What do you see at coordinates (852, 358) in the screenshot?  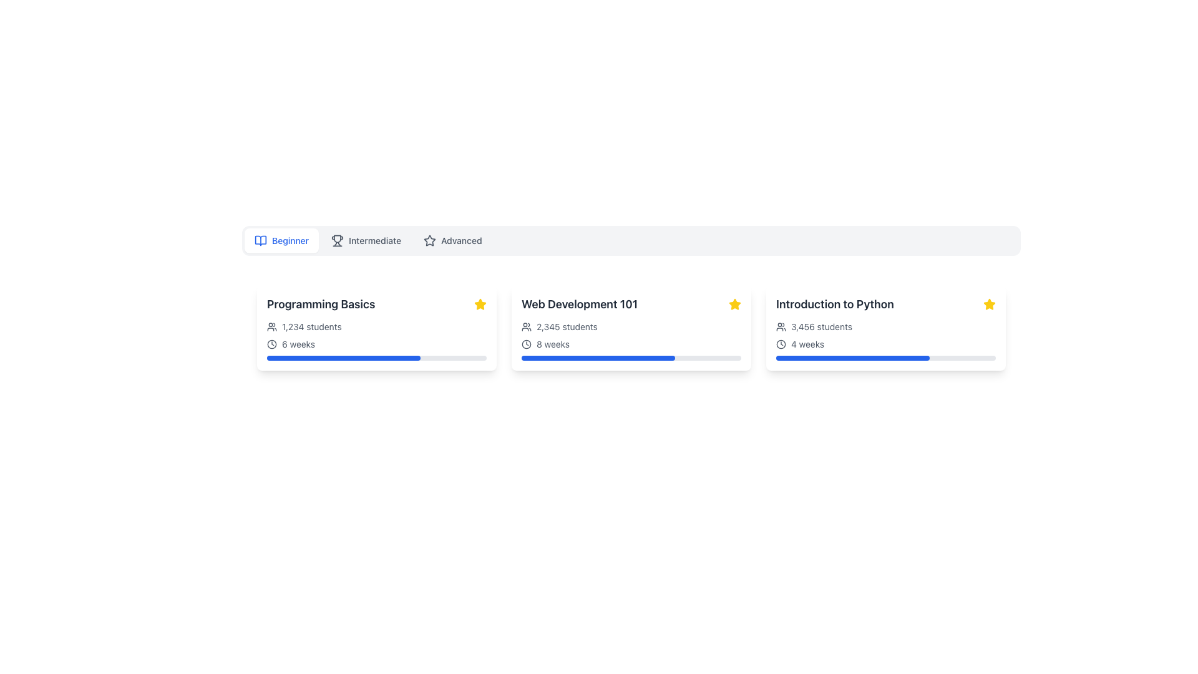 I see `the progress visually on the progress bar located within the 'Introduction to Python' module card, beneath the course duration and number of students` at bounding box center [852, 358].